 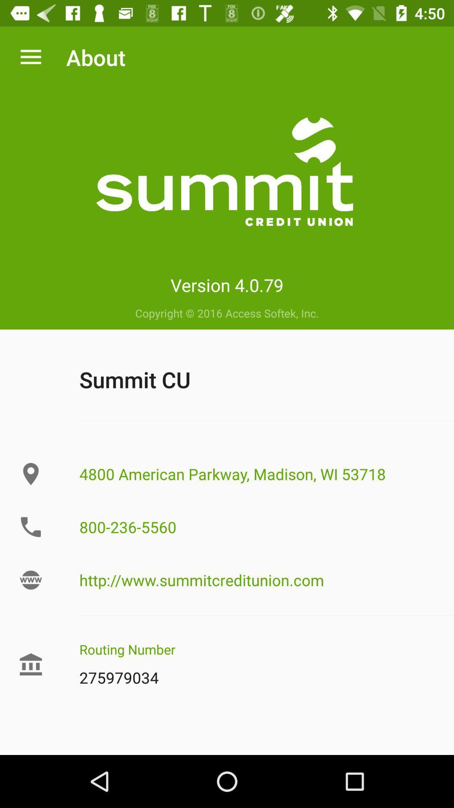 I want to click on the call icon, so click(x=30, y=526).